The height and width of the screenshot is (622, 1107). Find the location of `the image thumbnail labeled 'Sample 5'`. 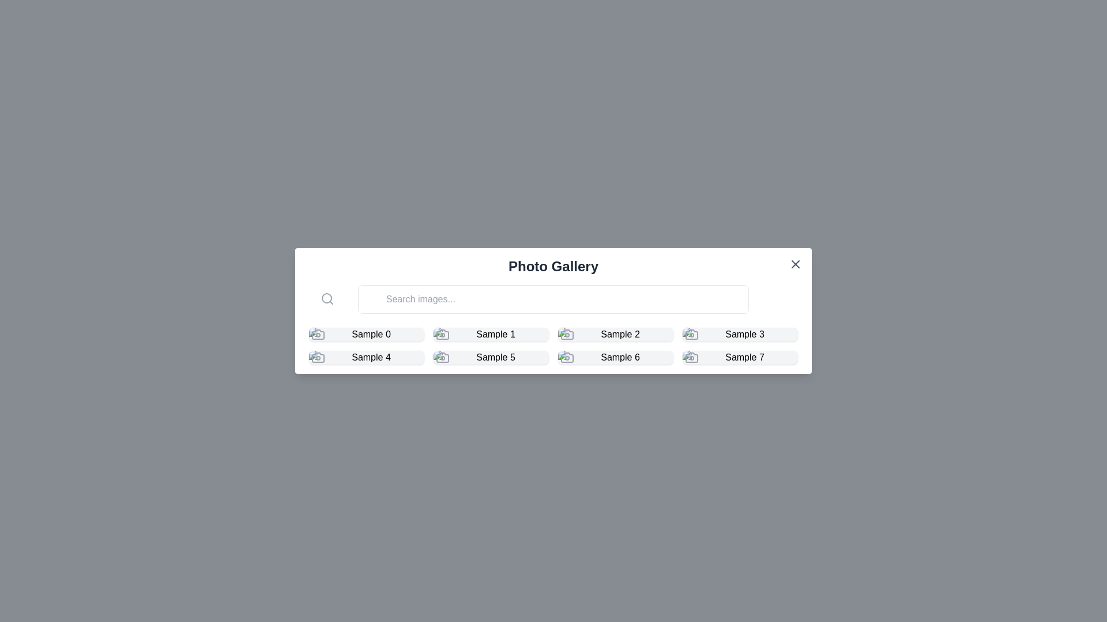

the image thumbnail labeled 'Sample 5' is located at coordinates (491, 357).